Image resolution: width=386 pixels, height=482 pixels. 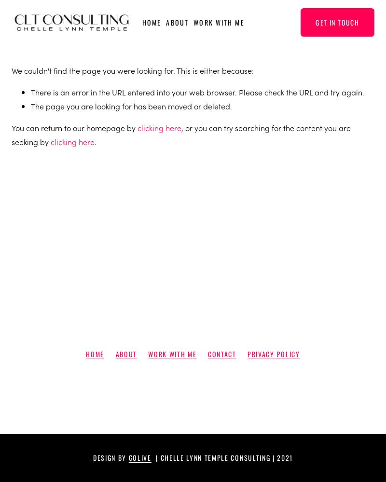 I want to click on 'Privacy Policy', so click(x=247, y=353).